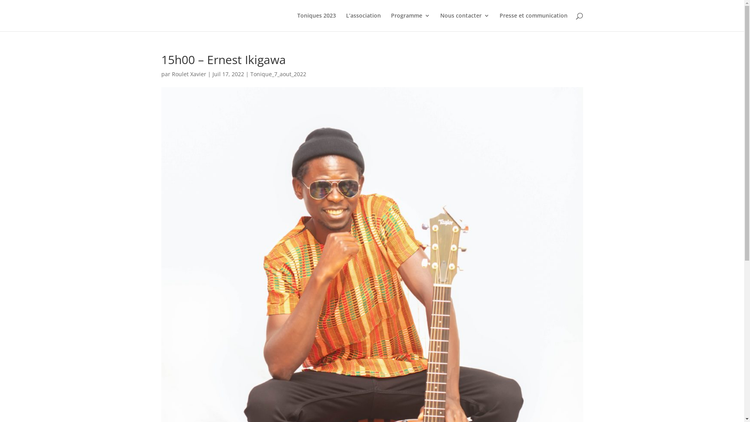  Describe the element at coordinates (532, 21) in the screenshot. I see `'Presse et communication'` at that location.